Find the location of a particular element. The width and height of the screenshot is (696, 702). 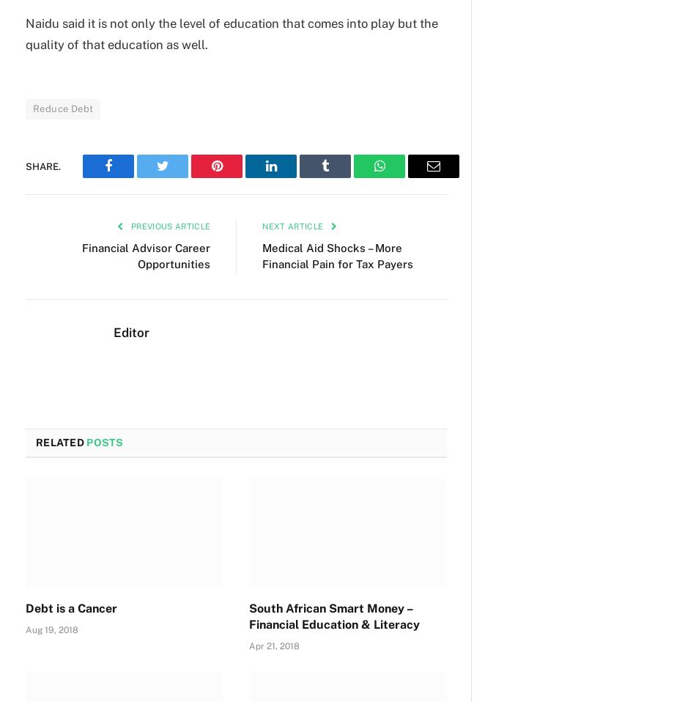

'Debt is a Cancer' is located at coordinates (71, 607).